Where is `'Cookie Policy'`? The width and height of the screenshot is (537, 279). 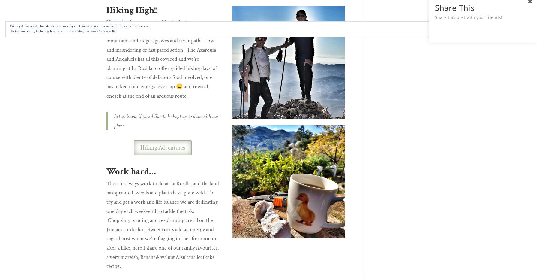 'Cookie Policy' is located at coordinates (107, 31).